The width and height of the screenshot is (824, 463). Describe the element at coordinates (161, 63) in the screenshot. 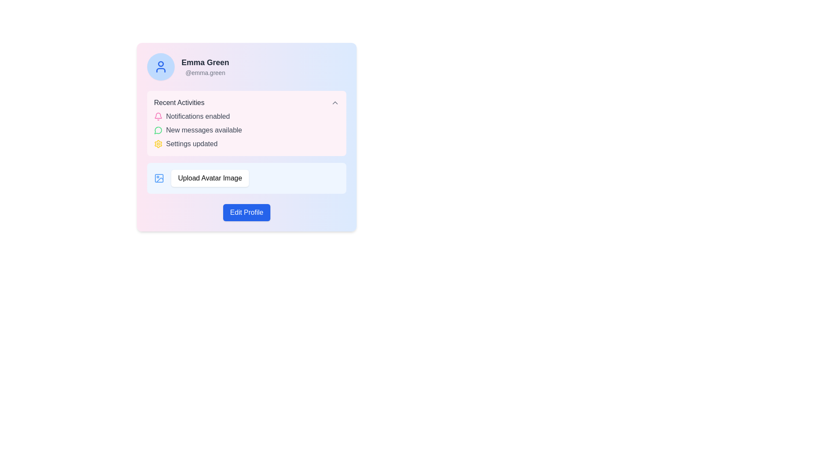

I see `the SVG circle graphical element representing the head in the profile icon located in the top left section of the interface card` at that location.